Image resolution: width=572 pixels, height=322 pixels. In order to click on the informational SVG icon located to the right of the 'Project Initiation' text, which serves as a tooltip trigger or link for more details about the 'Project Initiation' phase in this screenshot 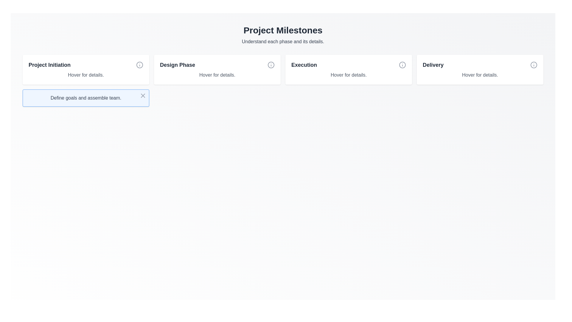, I will do `click(139, 65)`.